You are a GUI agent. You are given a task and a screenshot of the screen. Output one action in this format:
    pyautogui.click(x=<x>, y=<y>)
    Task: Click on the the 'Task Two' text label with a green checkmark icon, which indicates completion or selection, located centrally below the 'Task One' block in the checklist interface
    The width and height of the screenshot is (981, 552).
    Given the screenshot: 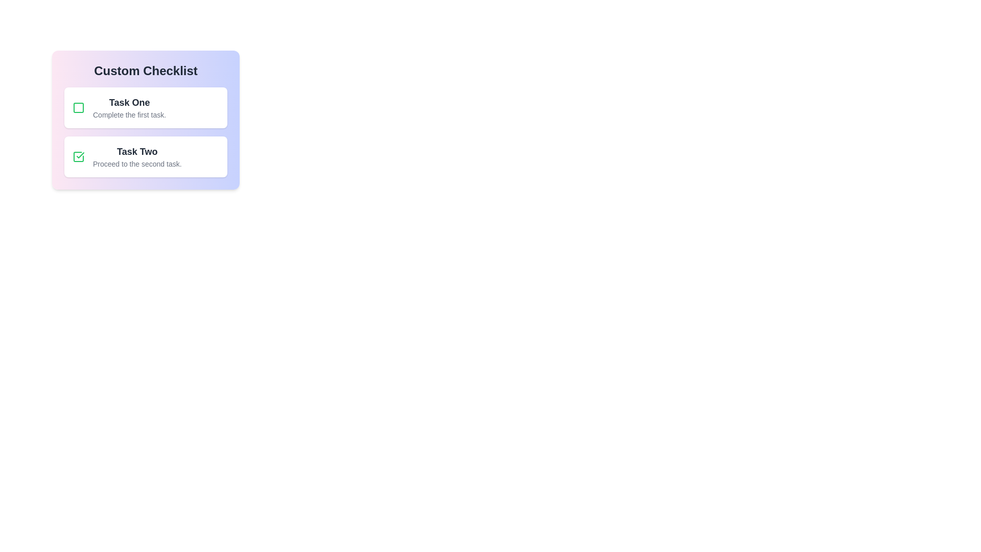 What is the action you would take?
    pyautogui.click(x=126, y=157)
    